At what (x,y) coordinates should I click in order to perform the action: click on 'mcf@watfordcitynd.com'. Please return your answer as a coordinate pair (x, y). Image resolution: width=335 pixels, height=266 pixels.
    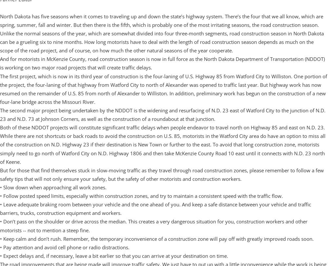
    Looking at the image, I should click on (31, 25).